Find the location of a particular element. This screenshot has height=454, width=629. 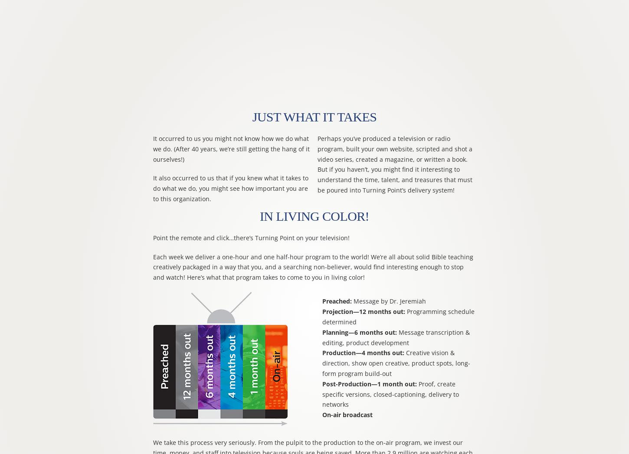

'Post-Production—1 month out:' is located at coordinates (369, 383).